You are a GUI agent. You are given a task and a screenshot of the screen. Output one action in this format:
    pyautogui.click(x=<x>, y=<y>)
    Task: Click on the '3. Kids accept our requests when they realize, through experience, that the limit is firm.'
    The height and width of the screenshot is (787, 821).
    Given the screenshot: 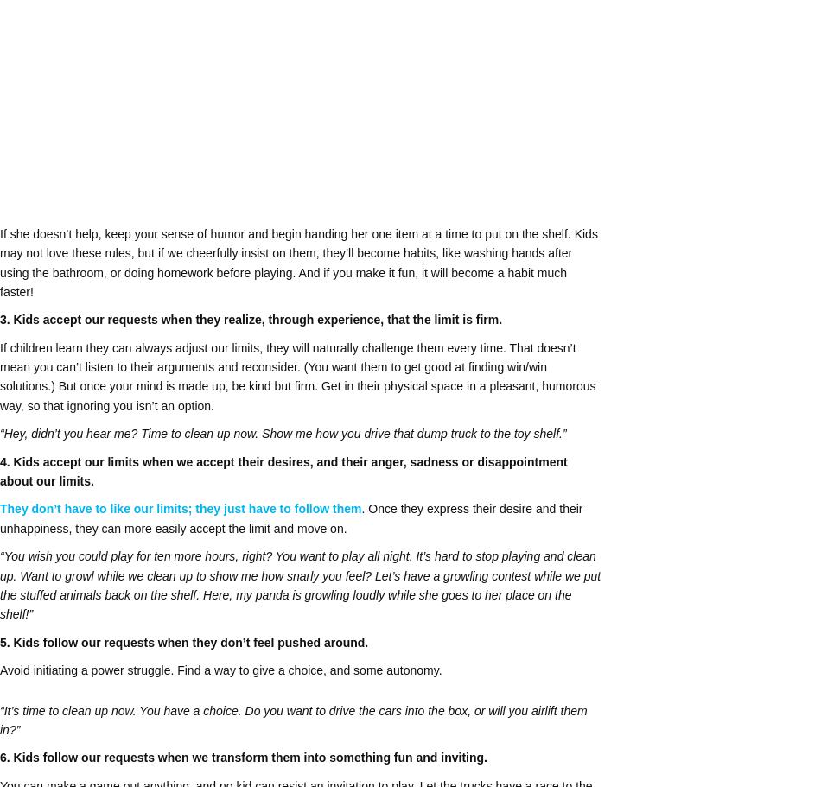 What is the action you would take?
    pyautogui.click(x=250, y=319)
    